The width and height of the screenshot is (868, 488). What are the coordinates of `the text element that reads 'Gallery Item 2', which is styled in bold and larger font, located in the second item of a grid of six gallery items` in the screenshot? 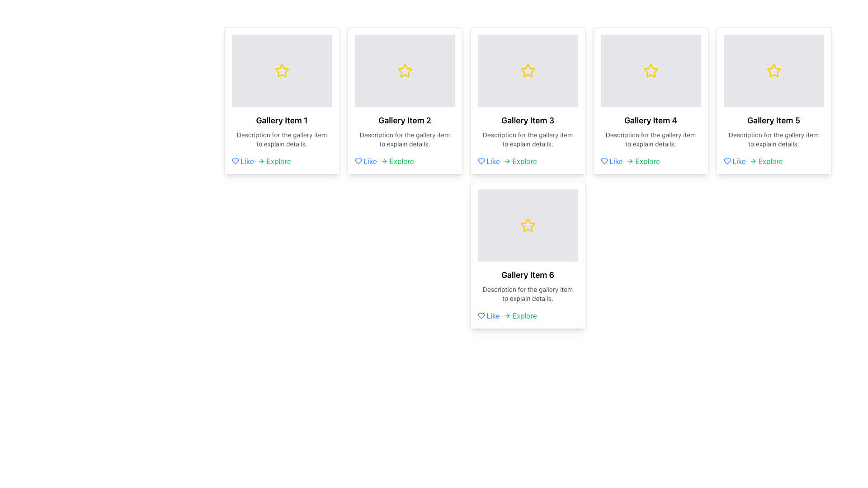 It's located at (404, 120).